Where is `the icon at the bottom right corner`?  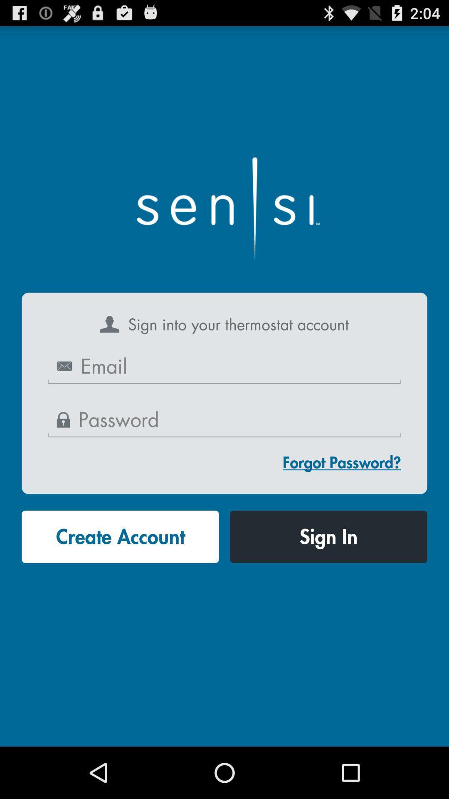 the icon at the bottom right corner is located at coordinates (328, 537).